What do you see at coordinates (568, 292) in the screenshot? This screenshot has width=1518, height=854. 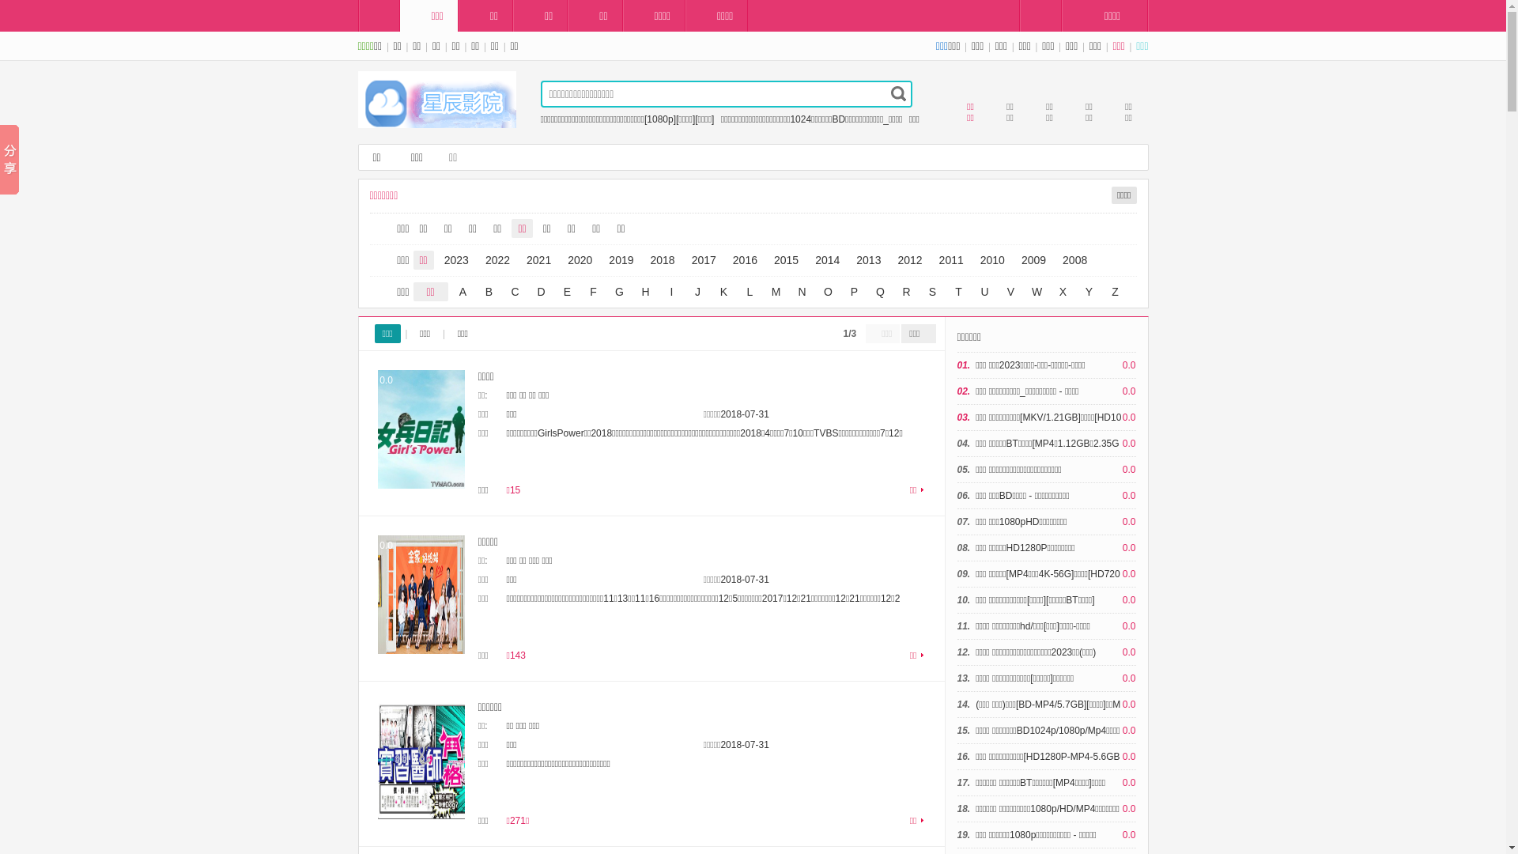 I see `'E'` at bounding box center [568, 292].